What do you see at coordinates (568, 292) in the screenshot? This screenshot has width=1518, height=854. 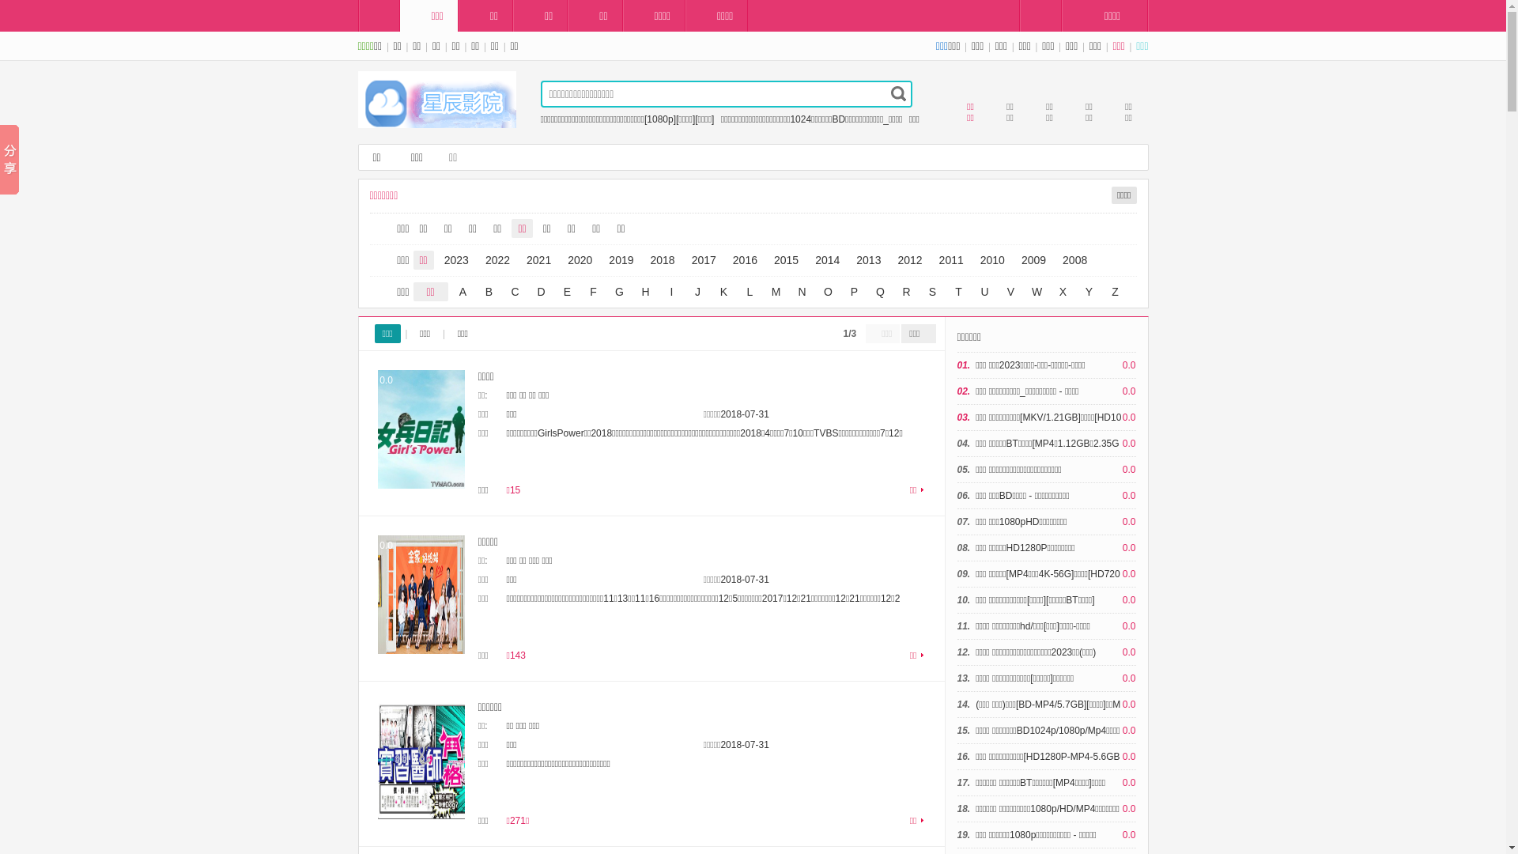 I see `'E'` at bounding box center [568, 292].